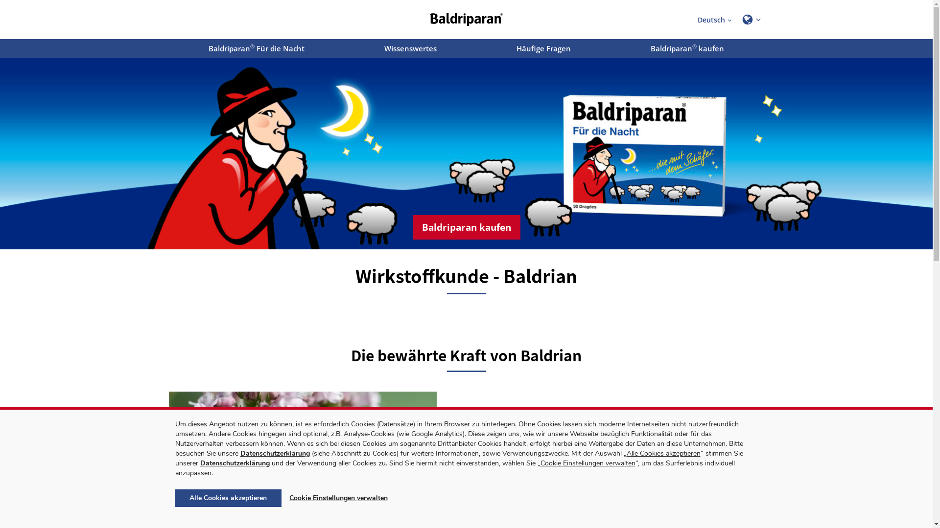 The width and height of the screenshot is (940, 528). Describe the element at coordinates (288, 498) in the screenshot. I see `'Cookie Einstellungen verwalten'` at that location.